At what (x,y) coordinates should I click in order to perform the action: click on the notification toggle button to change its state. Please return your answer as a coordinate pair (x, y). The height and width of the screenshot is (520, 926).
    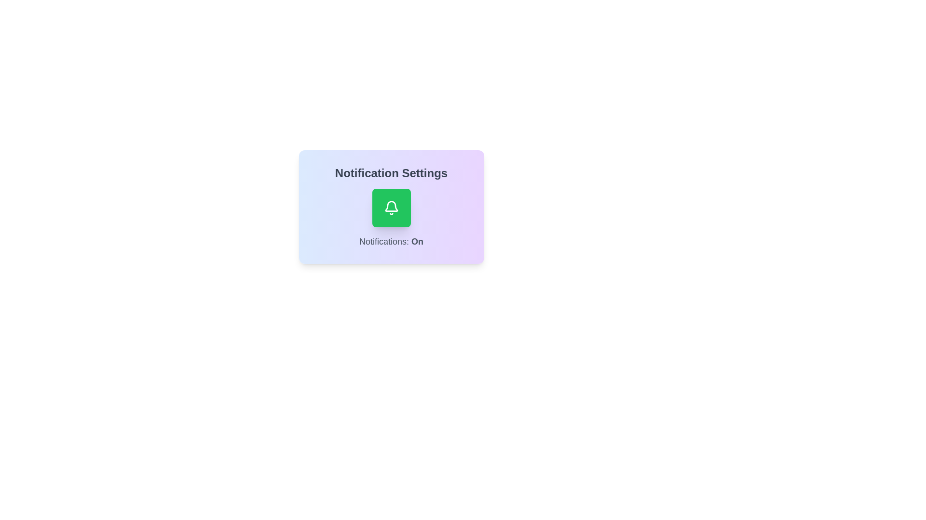
    Looking at the image, I should click on (391, 208).